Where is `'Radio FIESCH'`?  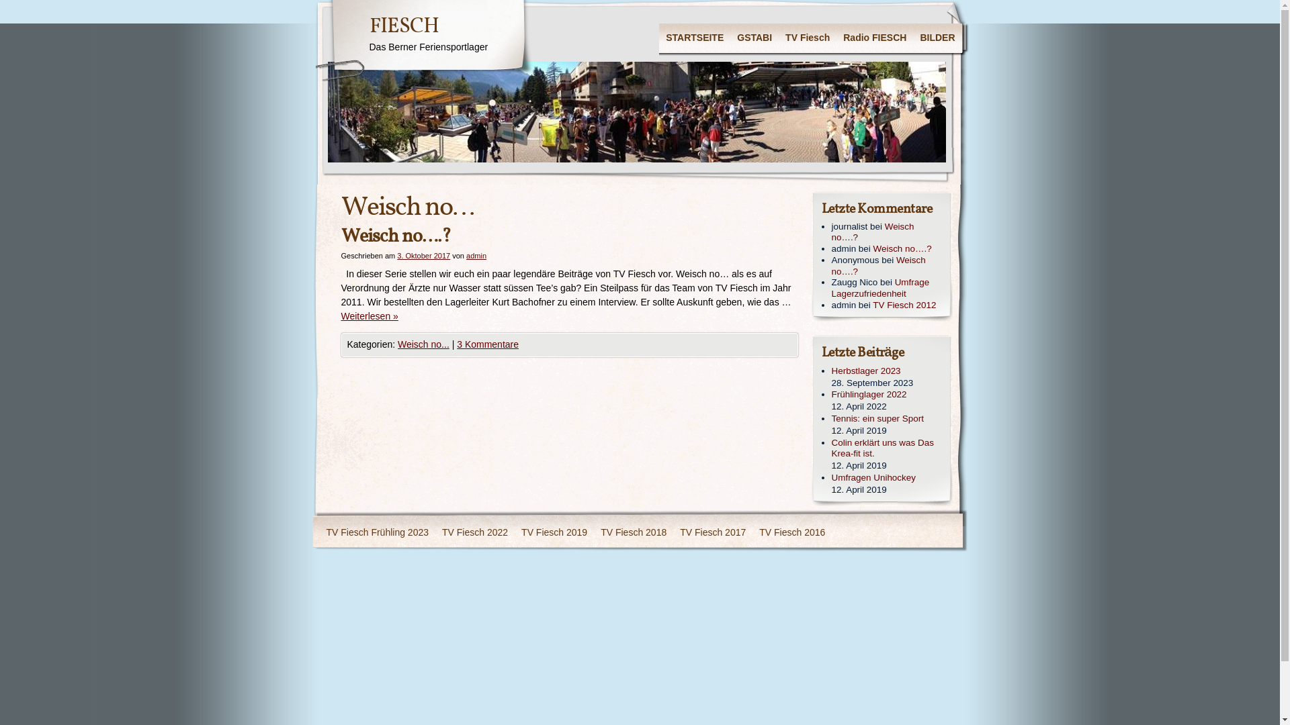 'Radio FIESCH' is located at coordinates (874, 38).